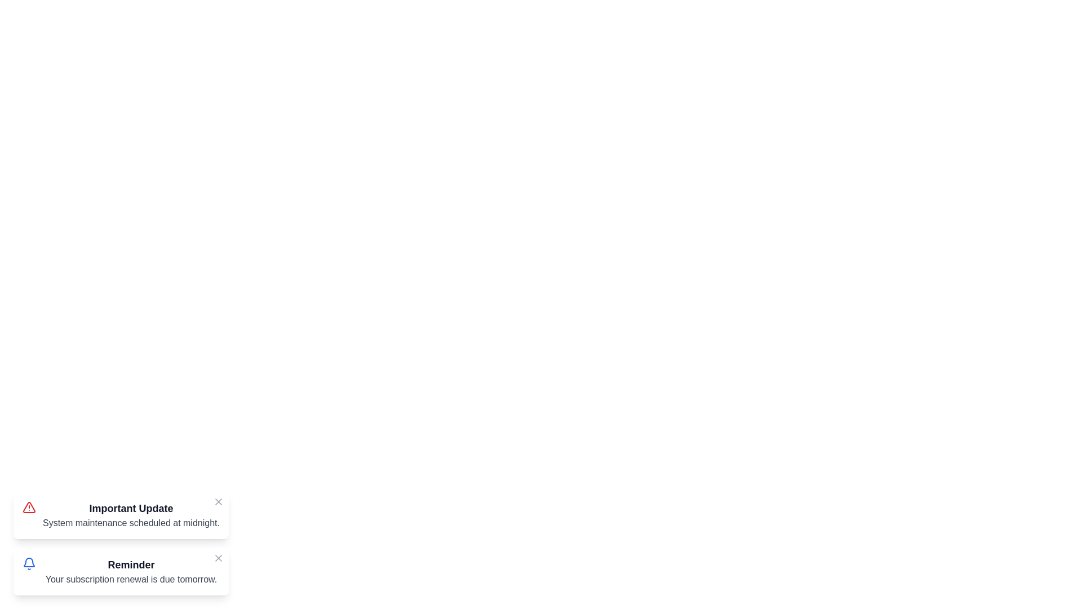 The image size is (1082, 609). Describe the element at coordinates (219, 558) in the screenshot. I see `close button of the snackbar with the title Reminder` at that location.